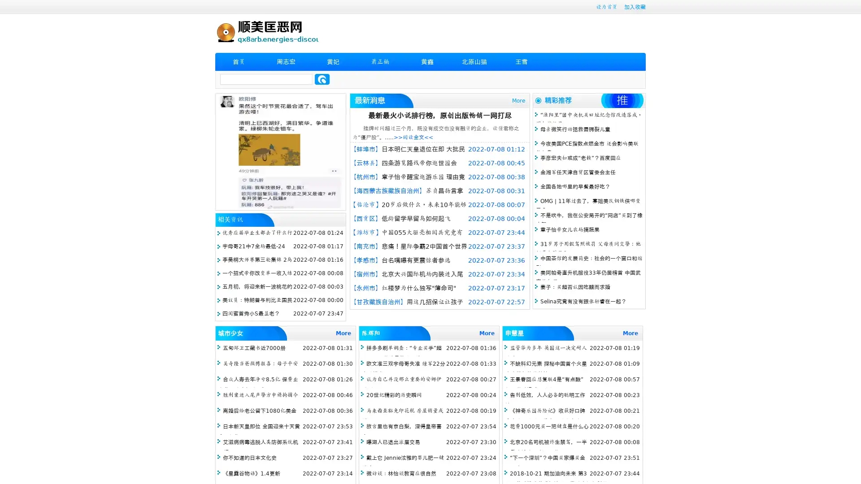 The height and width of the screenshot is (484, 861). I want to click on Search, so click(322, 79).